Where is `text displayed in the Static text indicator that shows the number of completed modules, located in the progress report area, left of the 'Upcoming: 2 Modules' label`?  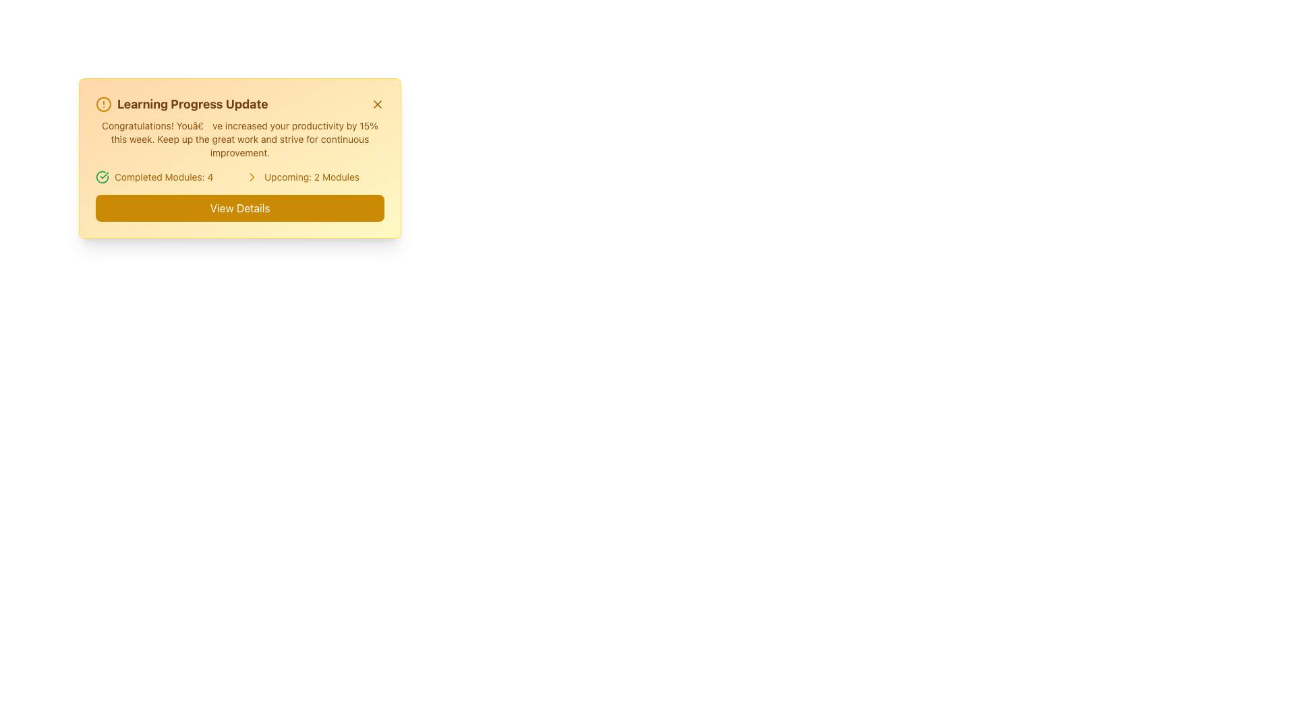
text displayed in the Static text indicator that shows the number of completed modules, located in the progress report area, left of the 'Upcoming: 2 Modules' label is located at coordinates (163, 176).